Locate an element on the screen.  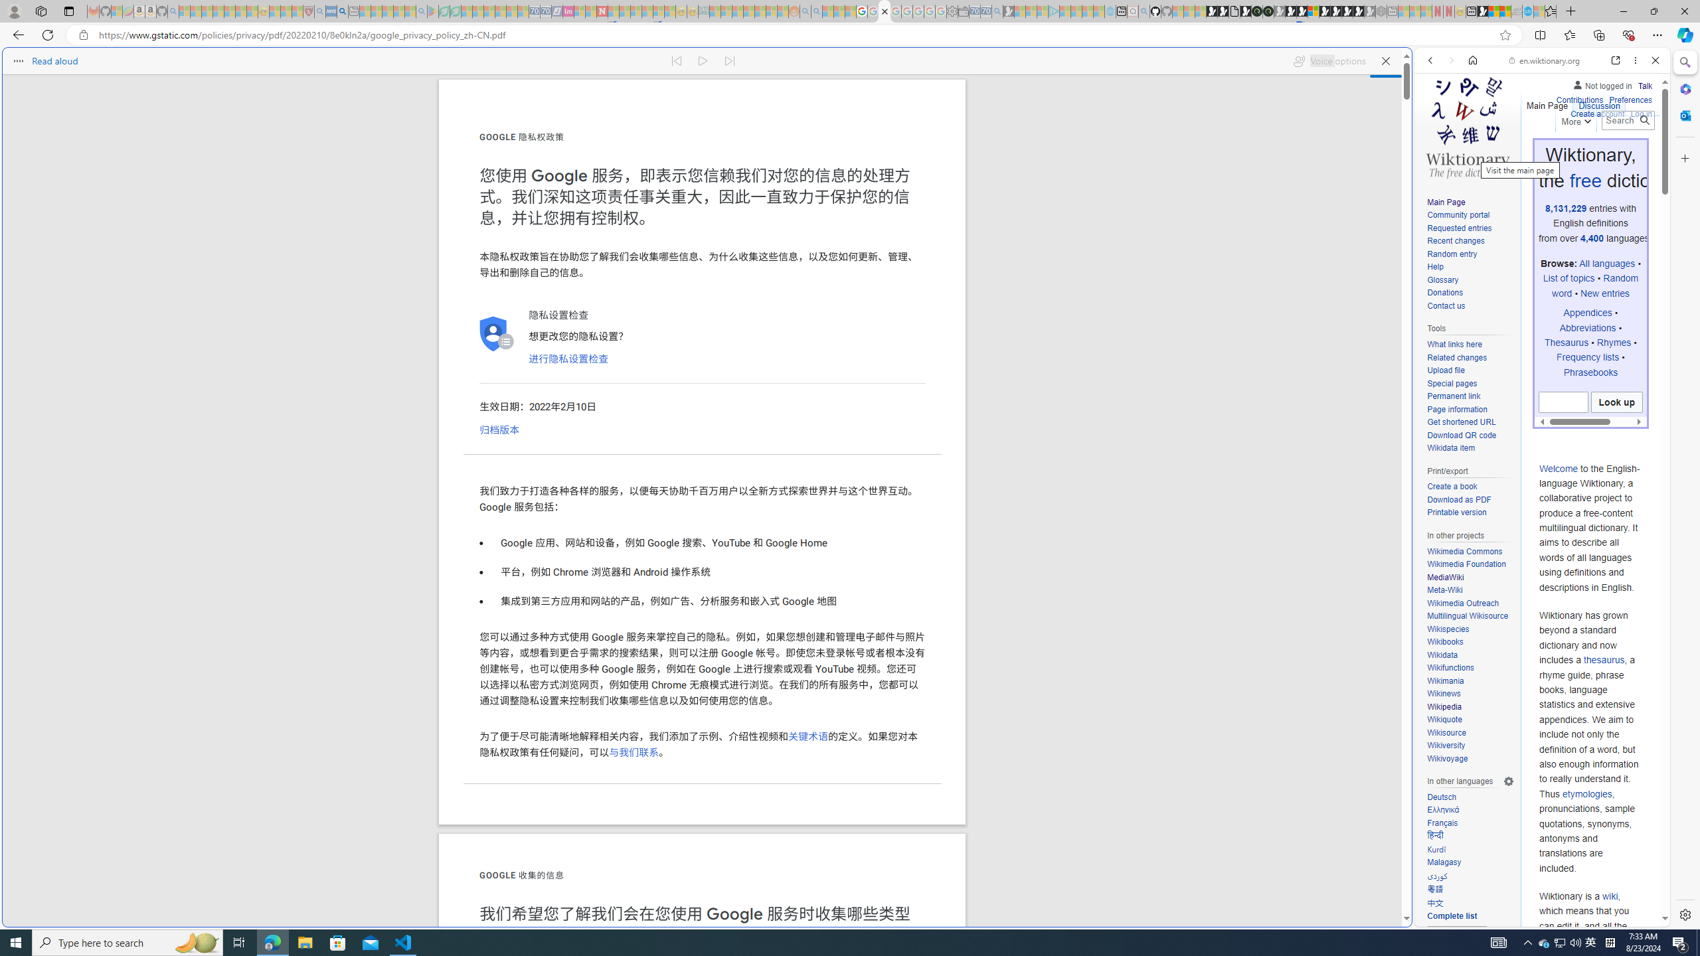
'Wikimedia Commons' is located at coordinates (1464, 551).